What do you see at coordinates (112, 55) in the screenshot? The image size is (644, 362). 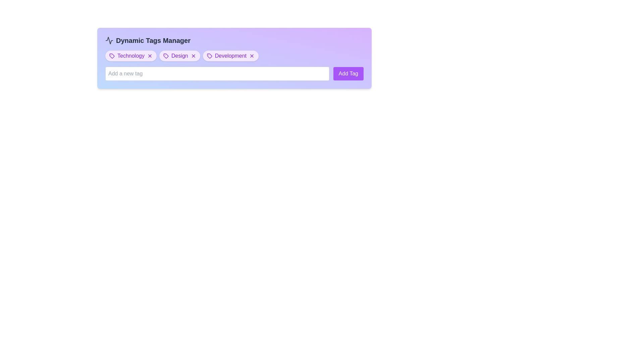 I see `the decorative icon associated with the 'Technology' tag label in the top-left section of the 'Dynamic Tags Manager' toolbar` at bounding box center [112, 55].